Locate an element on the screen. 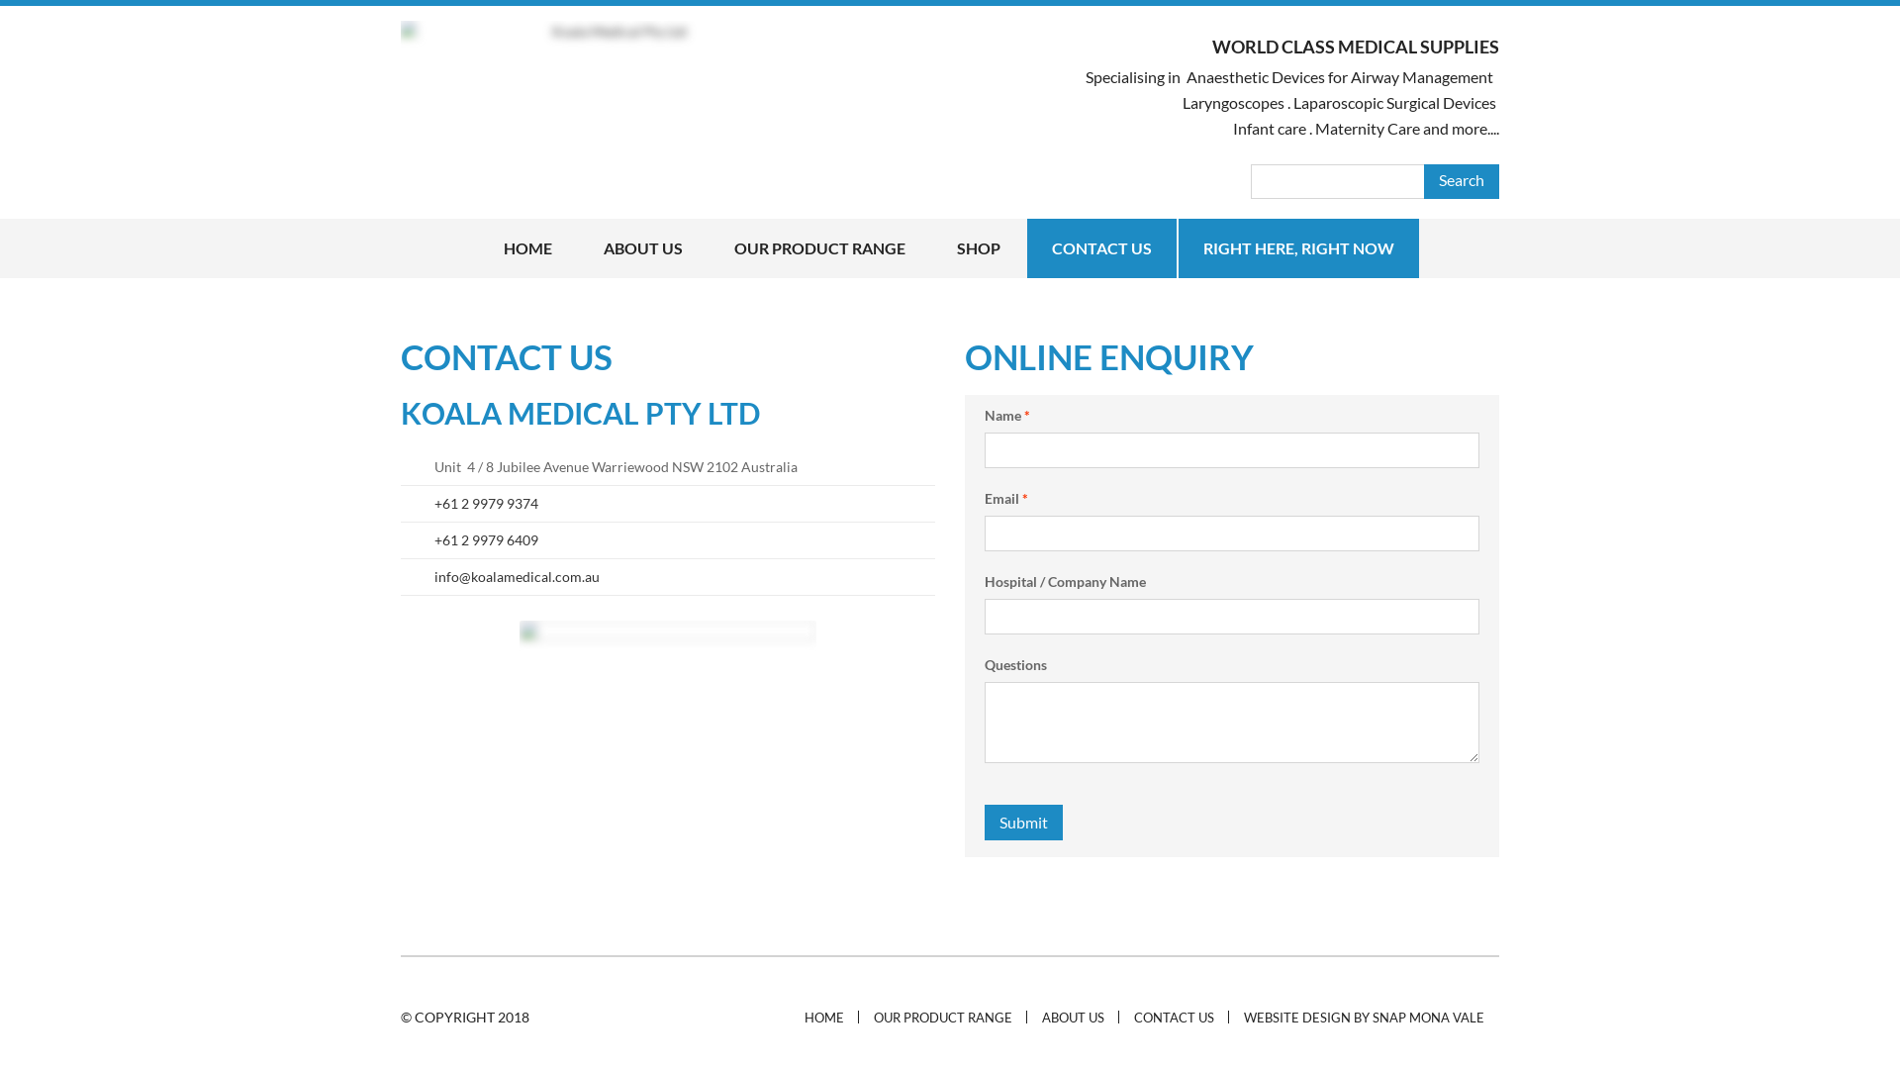 The image size is (1900, 1069). 'Submit' is located at coordinates (984, 822).